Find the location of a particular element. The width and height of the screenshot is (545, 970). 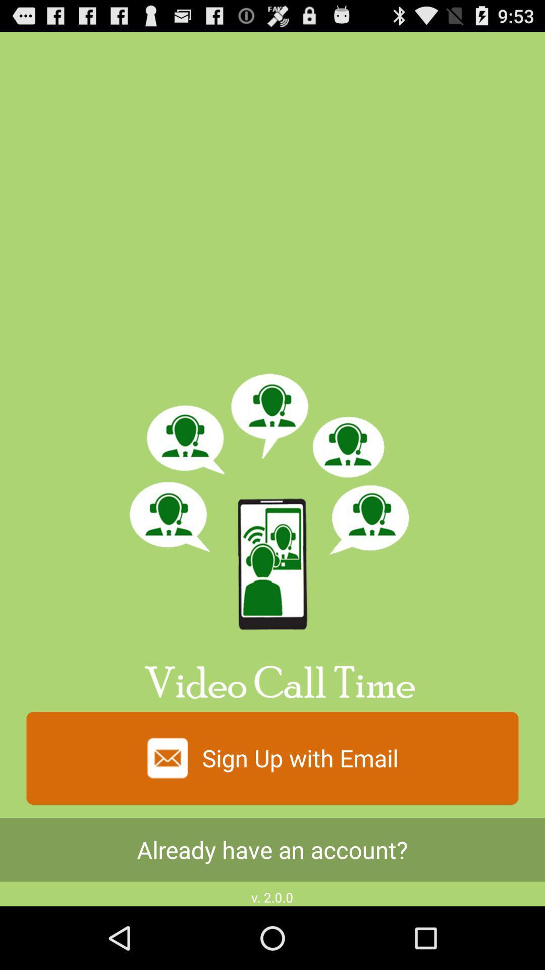

already have an item is located at coordinates (272, 849).